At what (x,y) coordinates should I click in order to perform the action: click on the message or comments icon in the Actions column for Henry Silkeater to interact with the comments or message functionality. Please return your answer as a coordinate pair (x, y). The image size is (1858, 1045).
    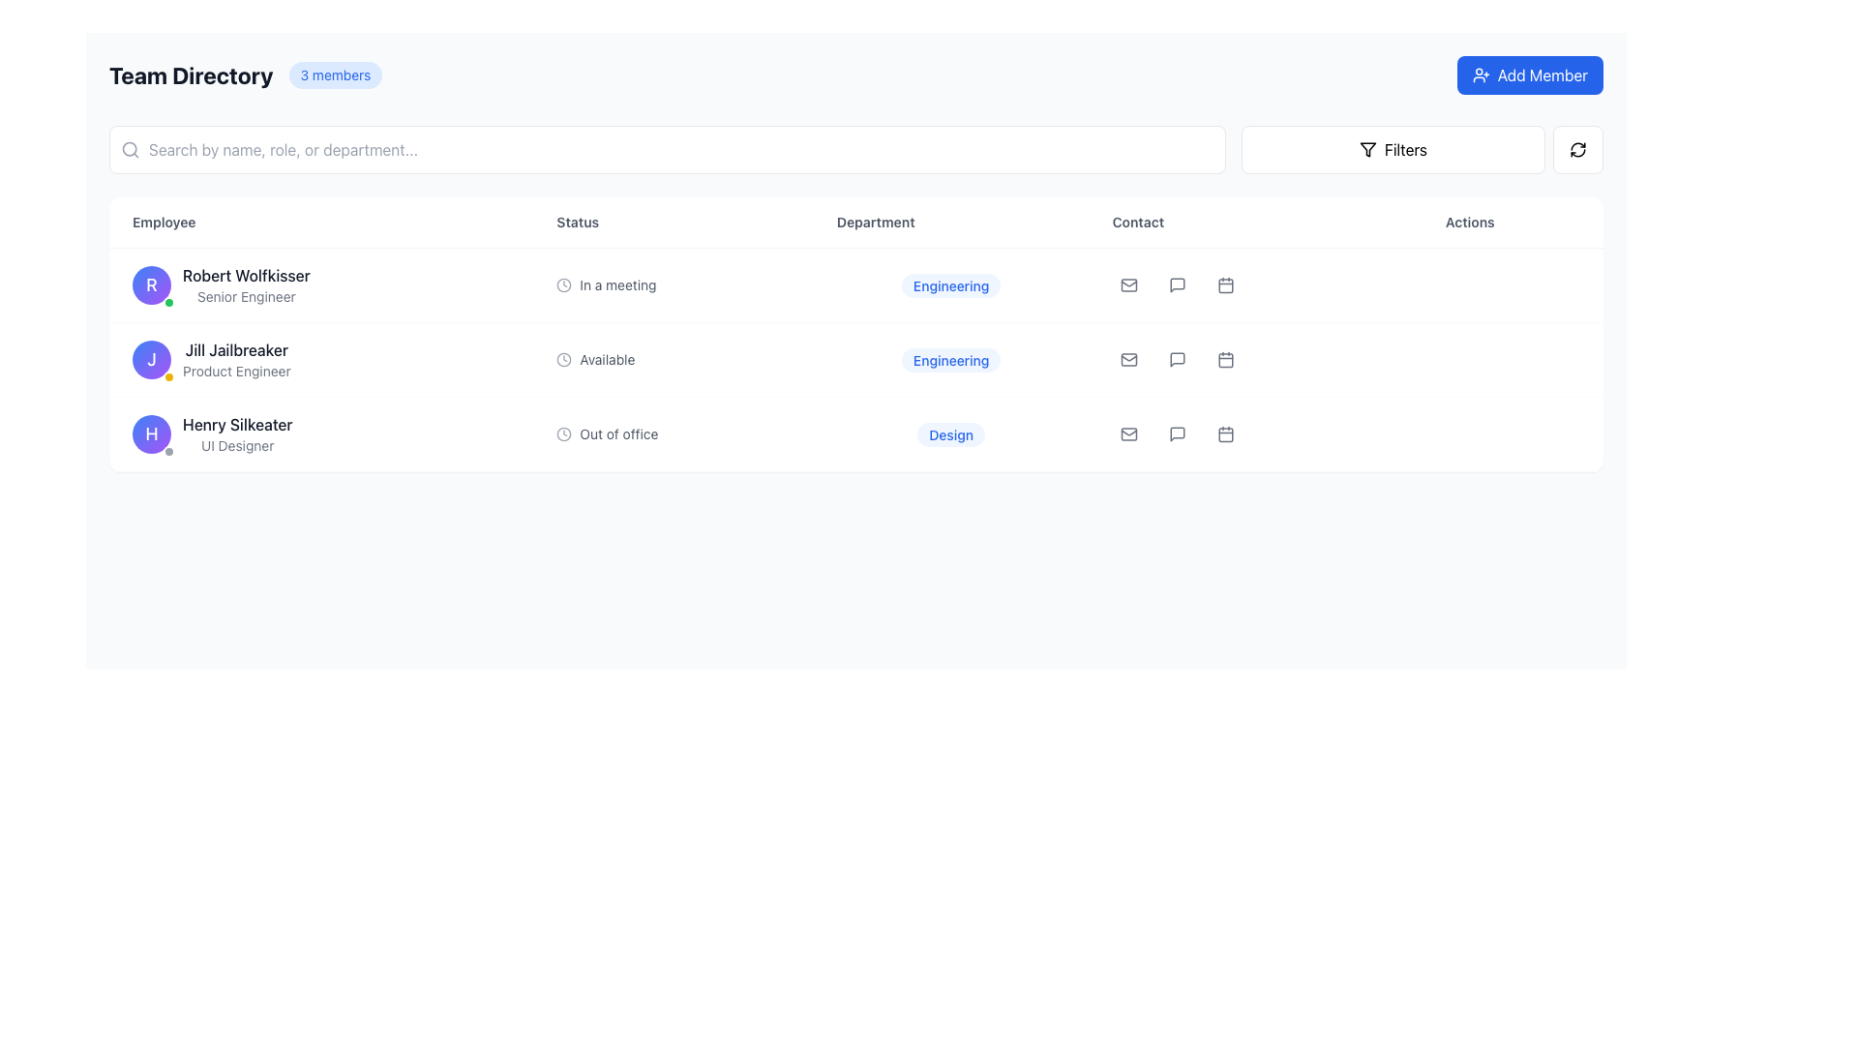
    Looking at the image, I should click on (1176, 433).